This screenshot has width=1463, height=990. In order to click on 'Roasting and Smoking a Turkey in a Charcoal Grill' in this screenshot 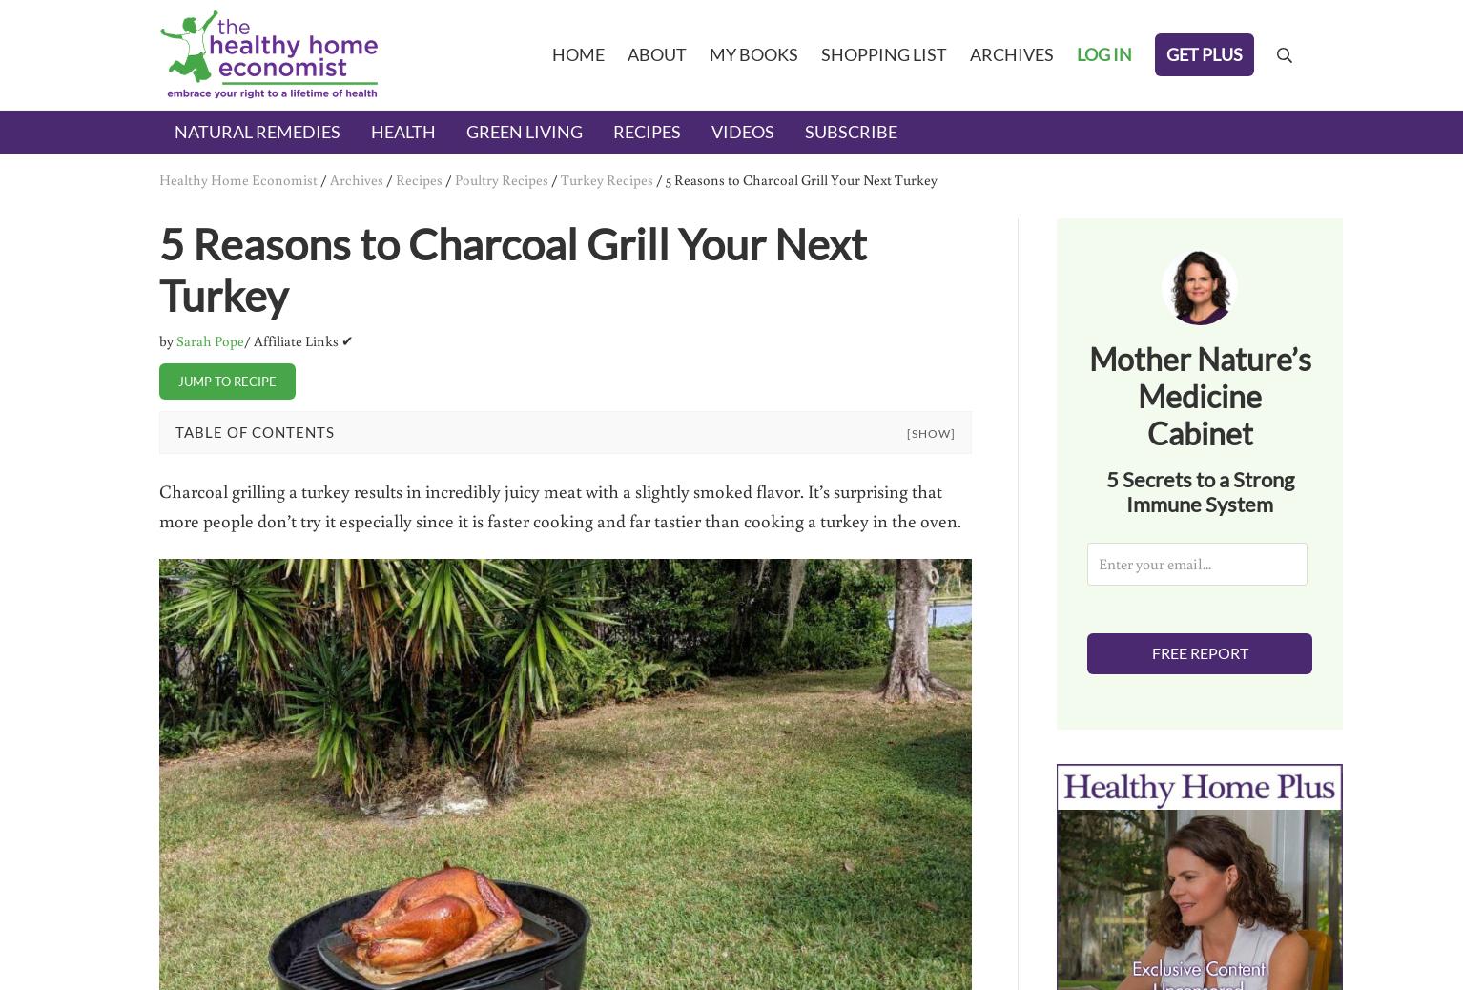, I will do `click(174, 515)`.